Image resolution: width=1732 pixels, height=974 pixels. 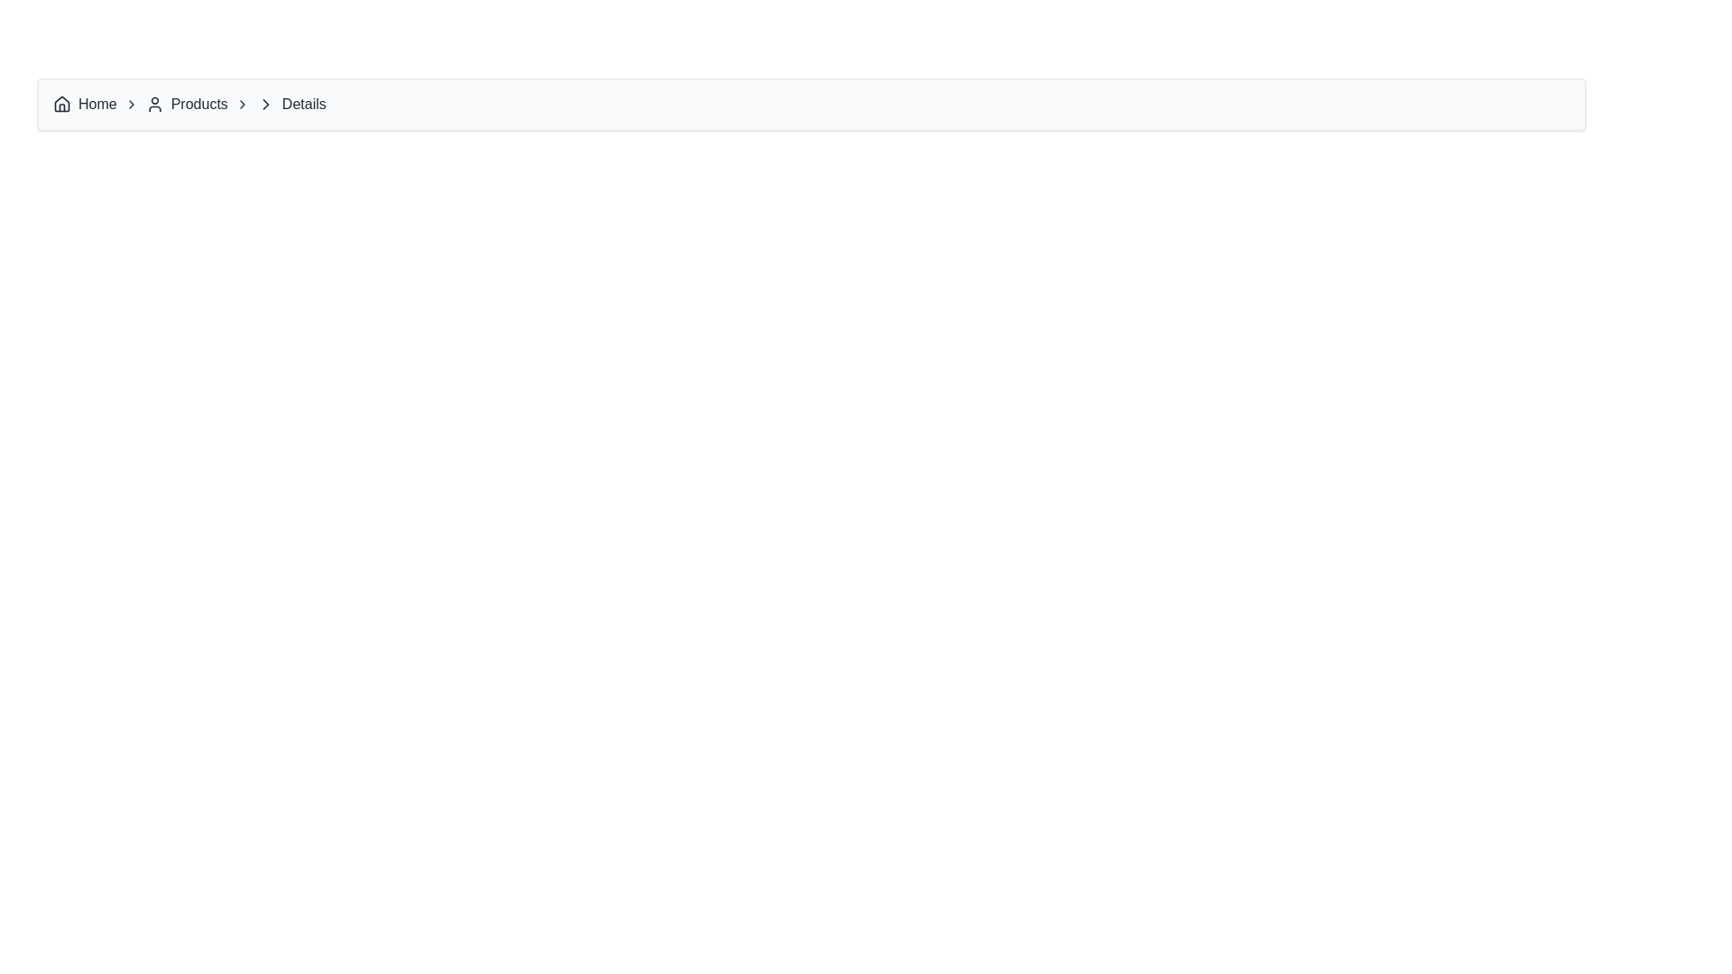 I want to click on the 'Details' text label located at the far-right segment of the breadcrumb navigation structure, so click(x=304, y=104).